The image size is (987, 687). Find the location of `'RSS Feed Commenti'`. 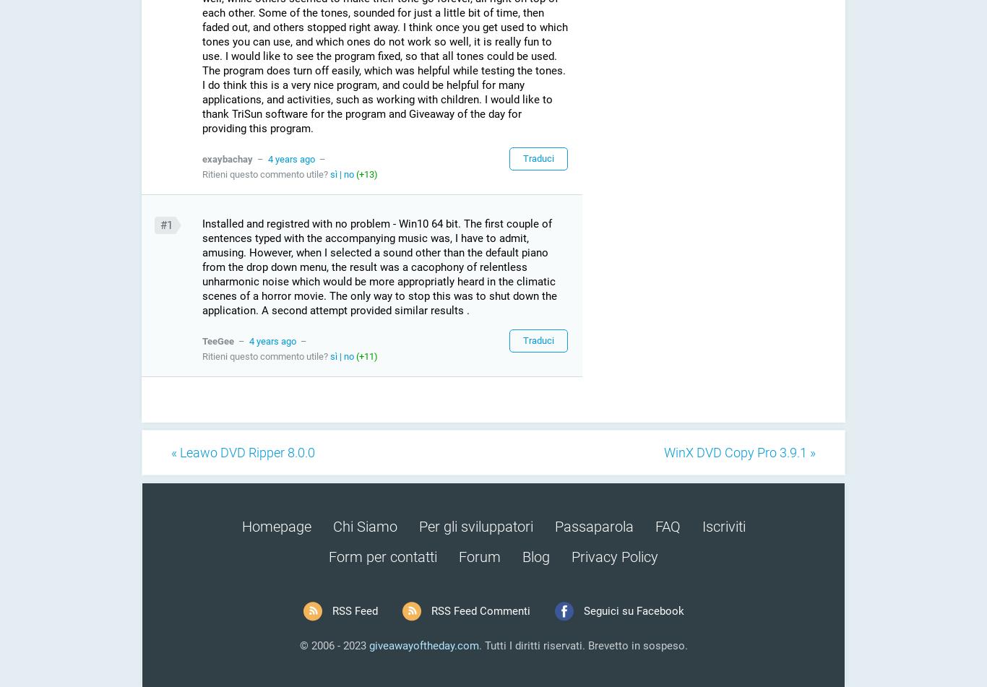

'RSS Feed Commenti' is located at coordinates (479, 610).